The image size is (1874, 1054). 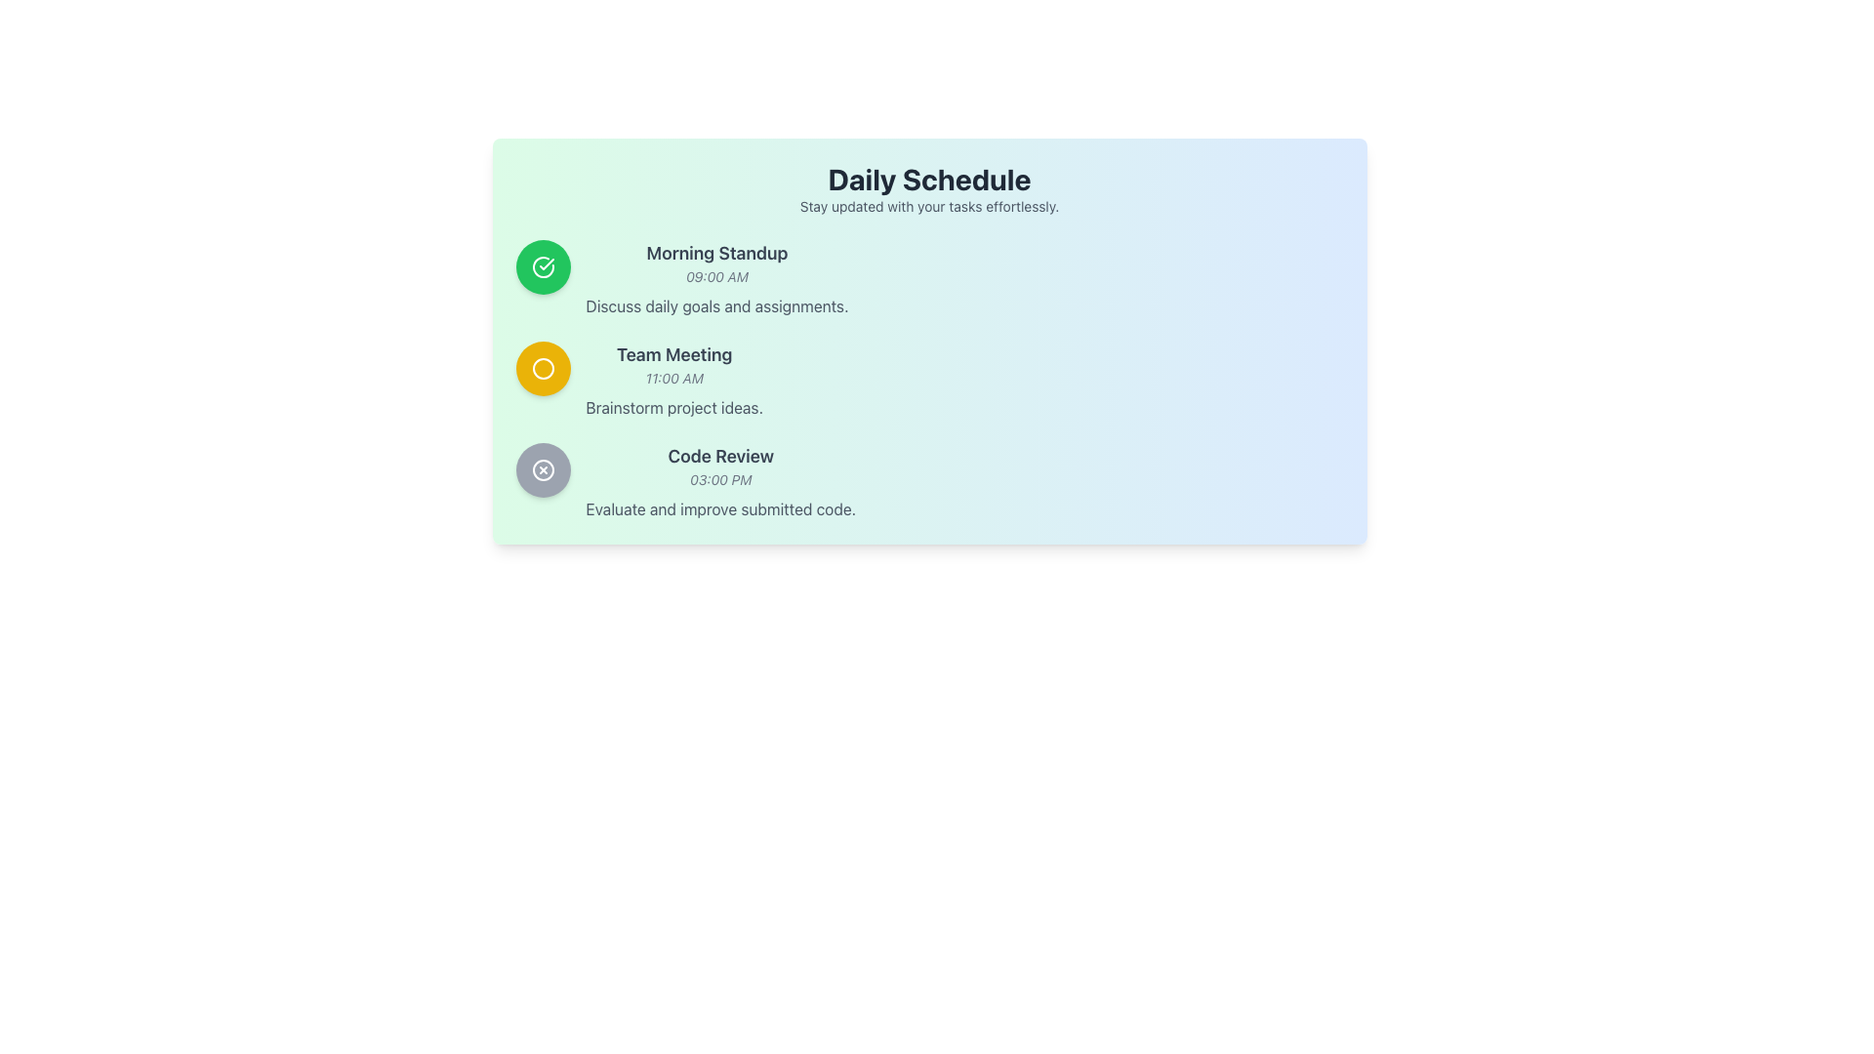 I want to click on text block titled 'Code Review', which includes a bold header, a timestamp, and a descriptive line, positioned as the third entry in the 'Daily Schedule' panel, so click(x=719, y=481).